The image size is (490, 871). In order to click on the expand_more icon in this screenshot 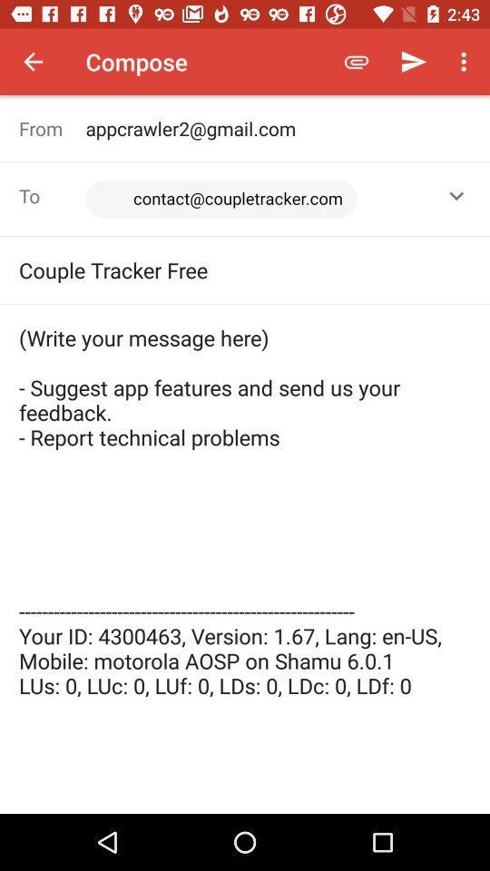, I will do `click(456, 196)`.